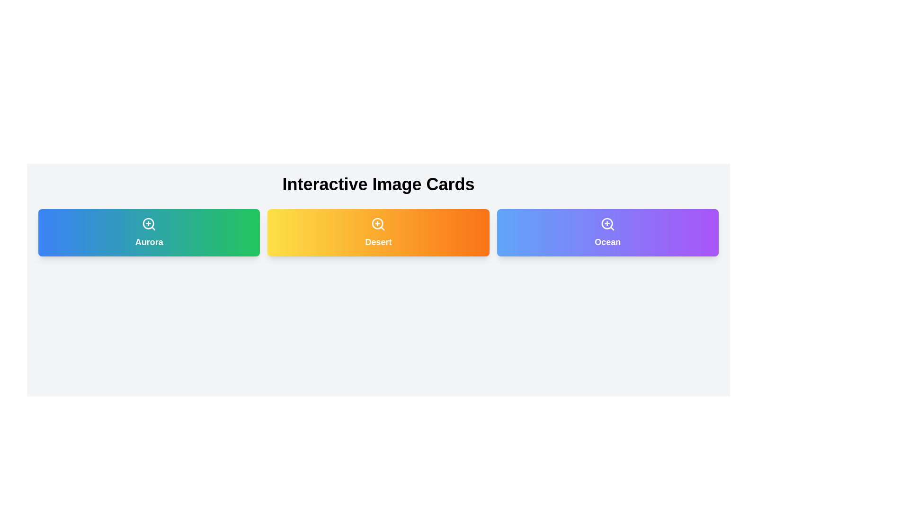 This screenshot has height=511, width=909. Describe the element at coordinates (607, 224) in the screenshot. I see `the magnifying glass icon with a plus symbol in the center, which is located on the gradient purple rectangular card labeled 'Ocean'` at that location.